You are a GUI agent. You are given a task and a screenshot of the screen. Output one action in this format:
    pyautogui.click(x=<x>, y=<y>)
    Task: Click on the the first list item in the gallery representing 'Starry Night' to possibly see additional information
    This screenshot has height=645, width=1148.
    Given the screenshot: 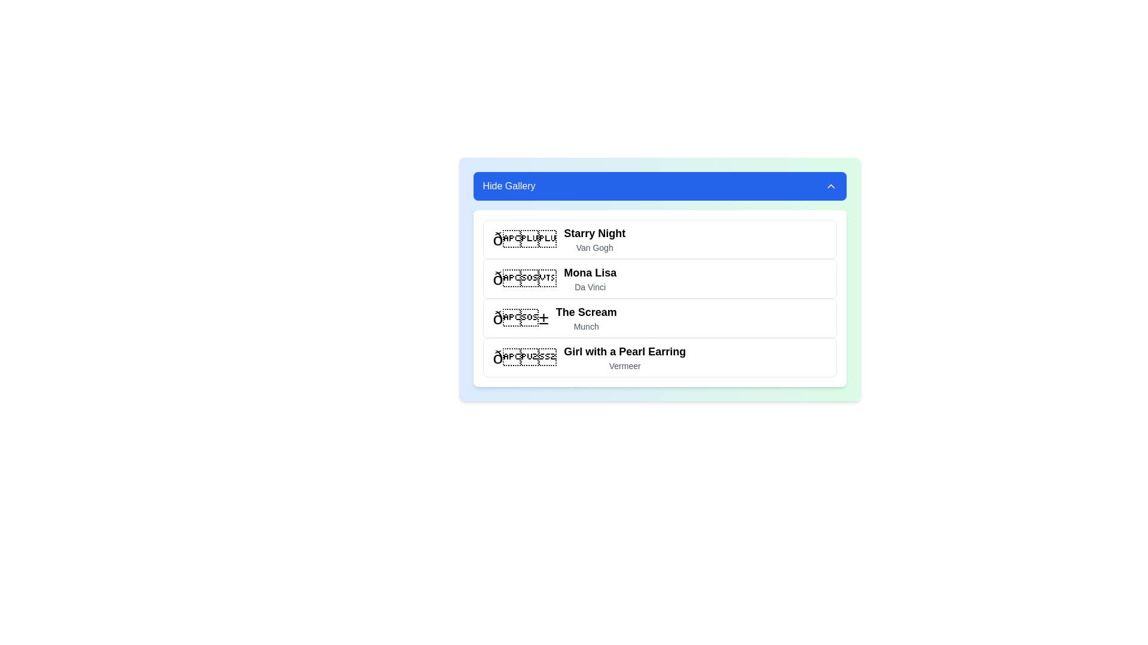 What is the action you would take?
    pyautogui.click(x=558, y=239)
    